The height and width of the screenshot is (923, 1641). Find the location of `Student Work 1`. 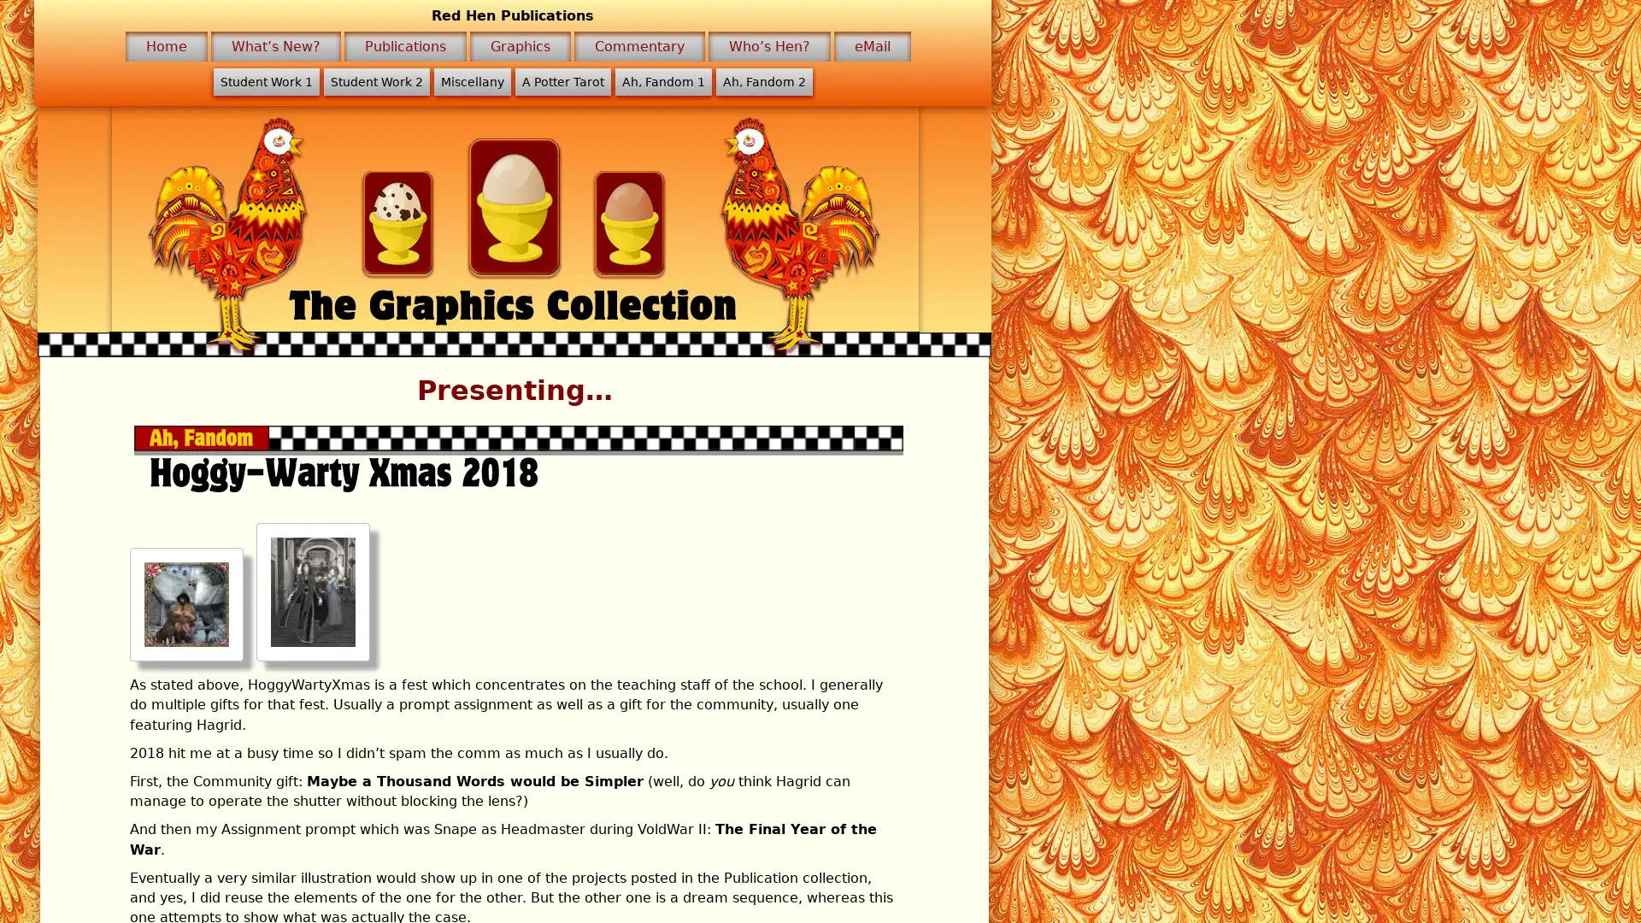

Student Work 1 is located at coordinates (265, 82).